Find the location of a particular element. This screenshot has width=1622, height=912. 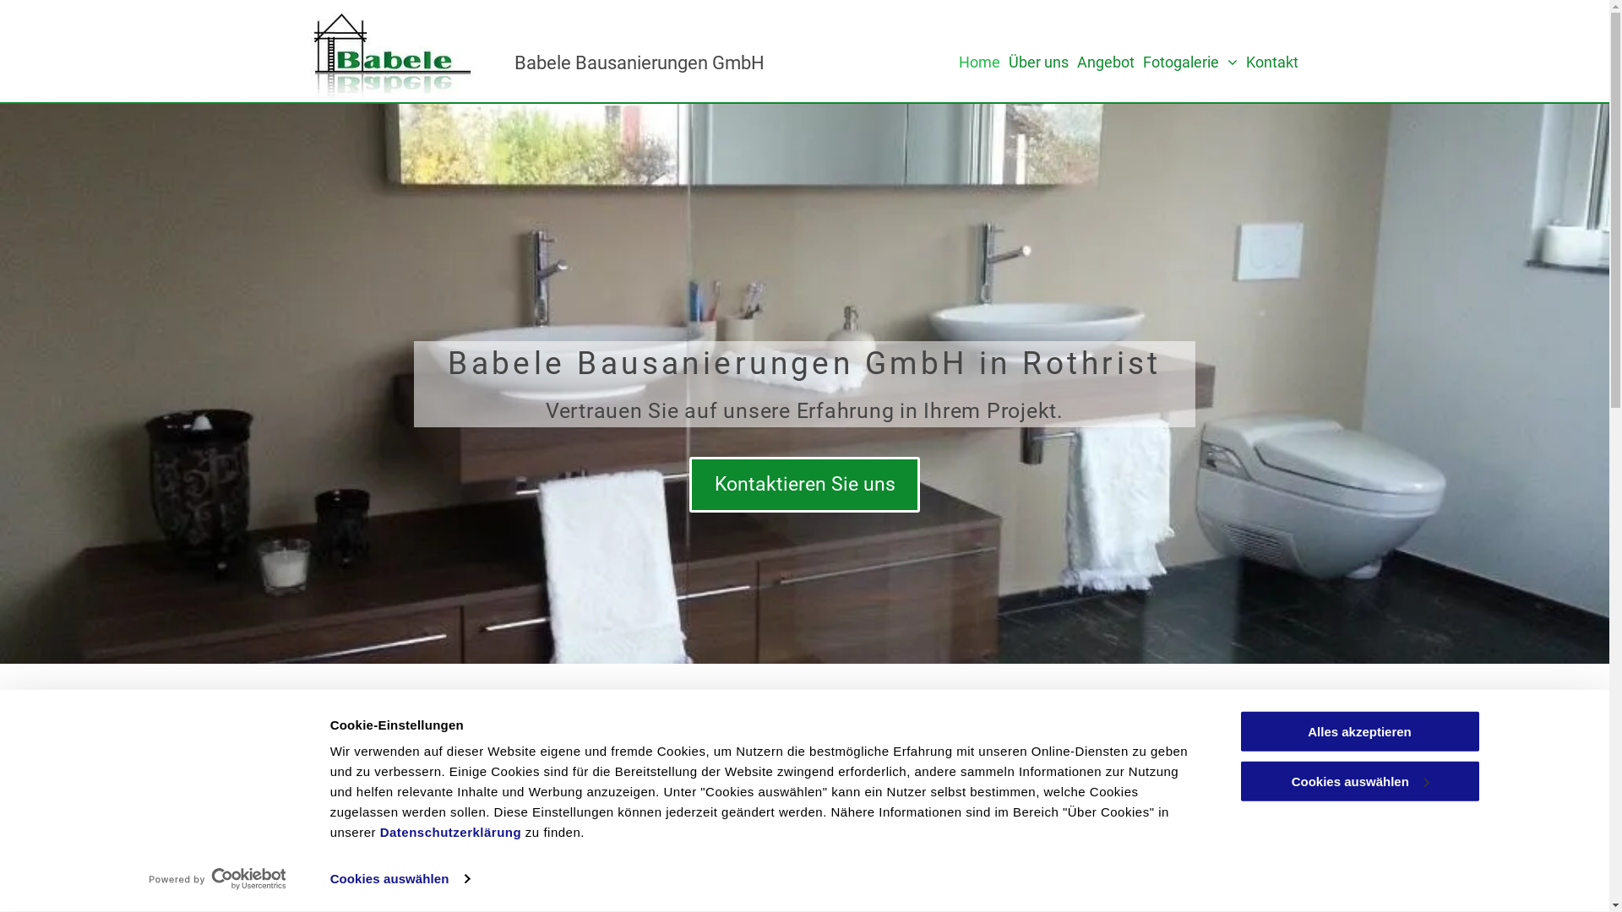

'Home' is located at coordinates (979, 61).